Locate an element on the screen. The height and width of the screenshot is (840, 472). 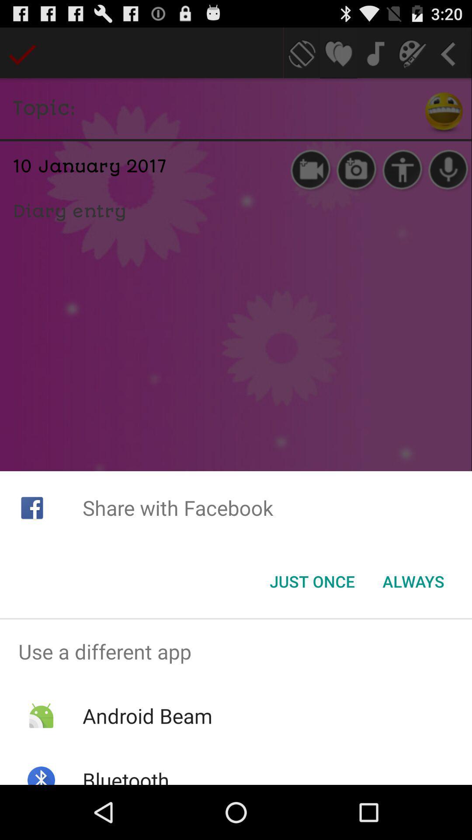
the icon above bluetooth is located at coordinates (147, 716).